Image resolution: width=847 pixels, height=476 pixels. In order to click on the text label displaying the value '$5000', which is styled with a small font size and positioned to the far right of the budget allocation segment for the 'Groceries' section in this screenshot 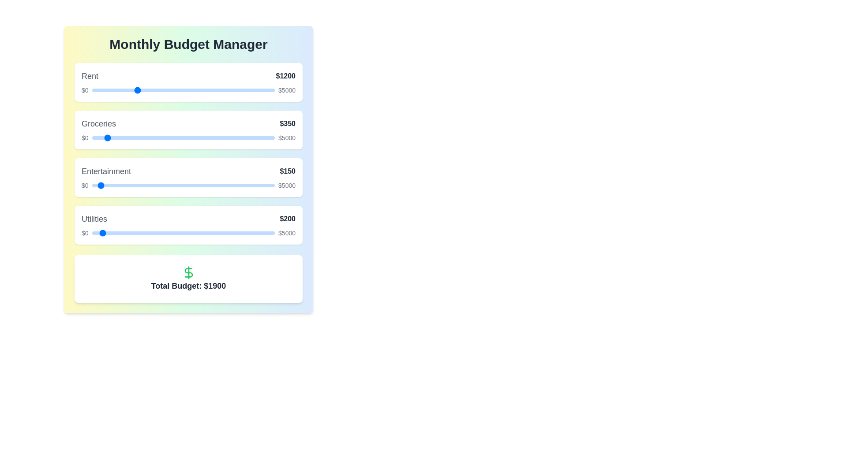, I will do `click(287, 138)`.